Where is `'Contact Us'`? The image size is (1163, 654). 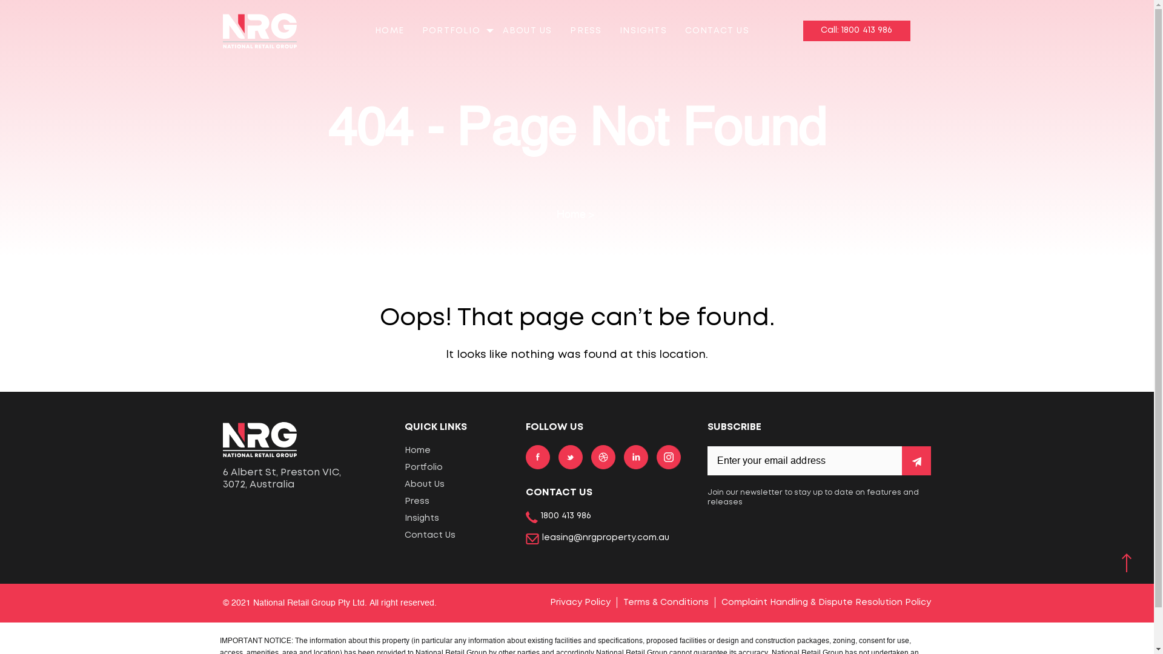 'Contact Us' is located at coordinates (404, 534).